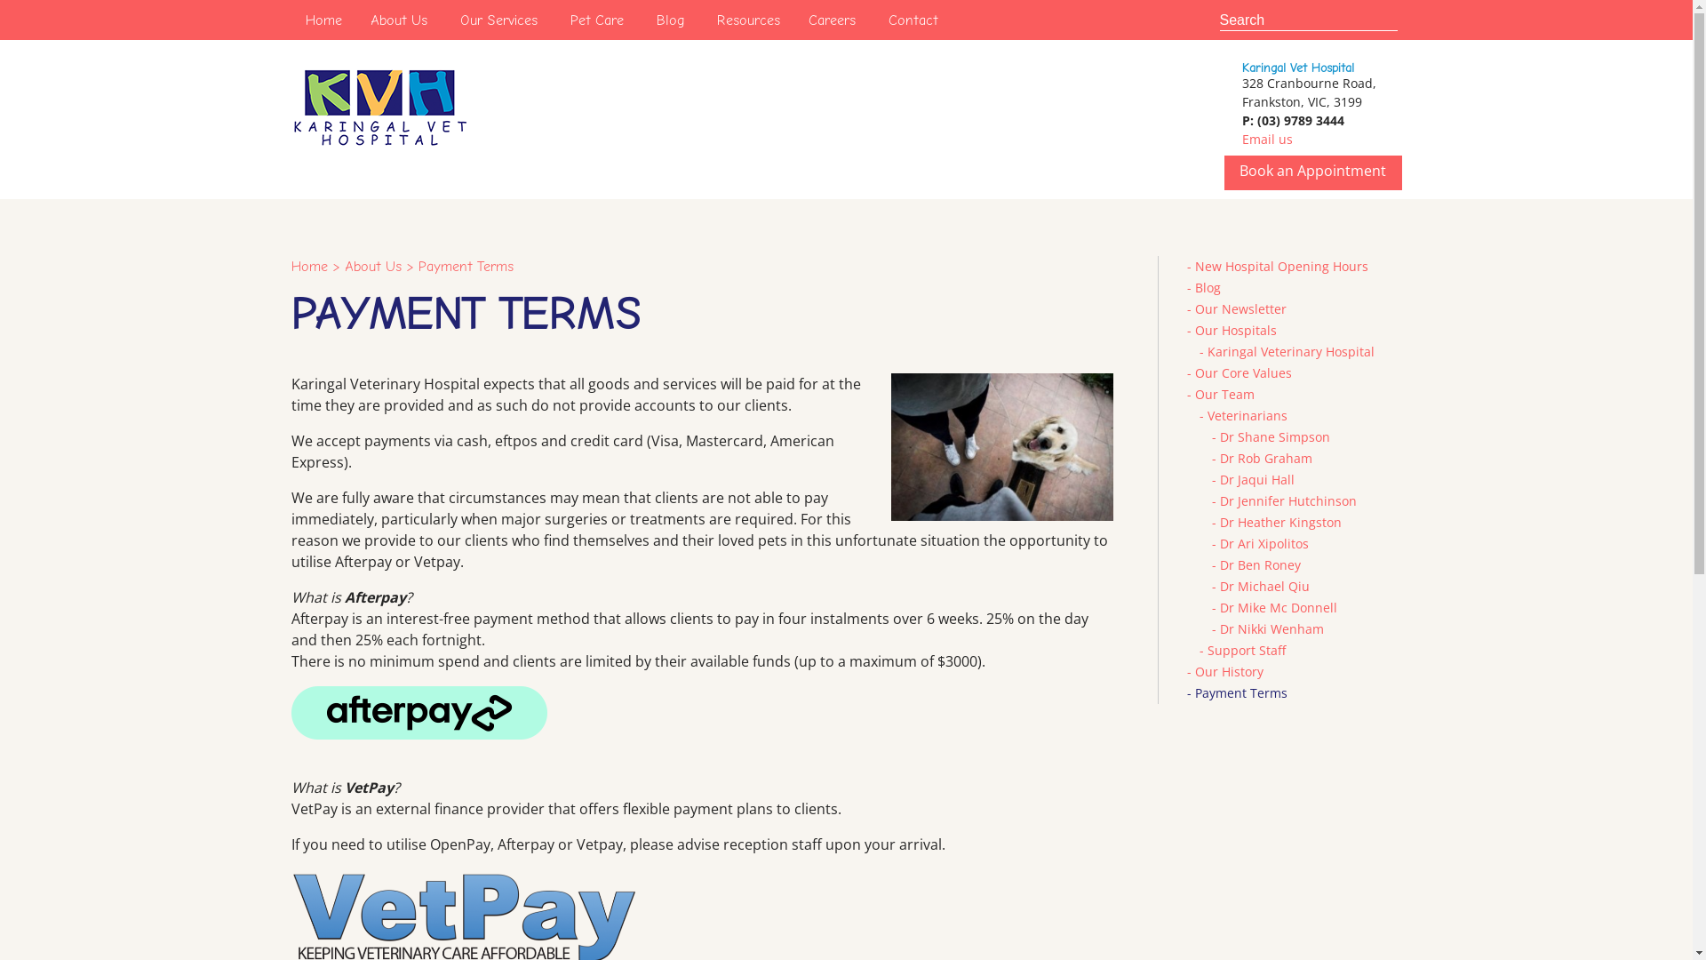 The width and height of the screenshot is (1706, 960). Describe the element at coordinates (640, 20) in the screenshot. I see `'Blog'` at that location.